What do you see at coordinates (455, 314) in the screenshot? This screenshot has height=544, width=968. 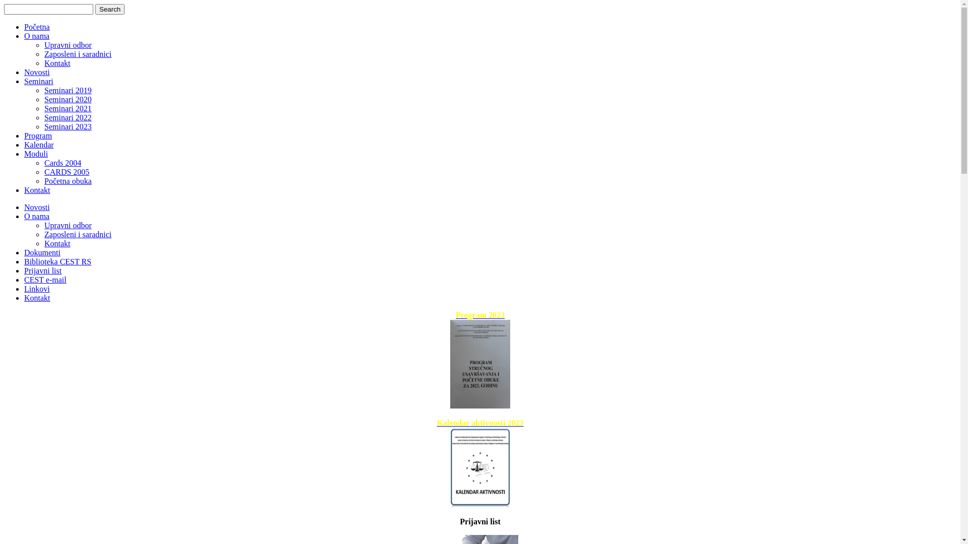 I see `'Program 2023'` at bounding box center [455, 314].